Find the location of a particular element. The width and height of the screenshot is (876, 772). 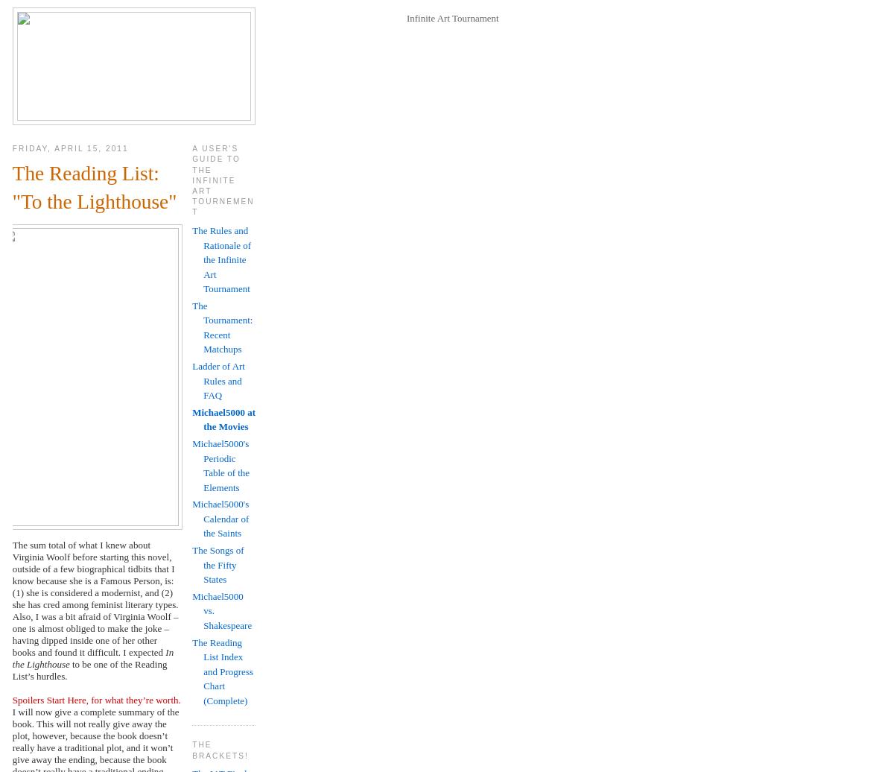

'The Reading List: "To the Lighthouse"' is located at coordinates (94, 187).